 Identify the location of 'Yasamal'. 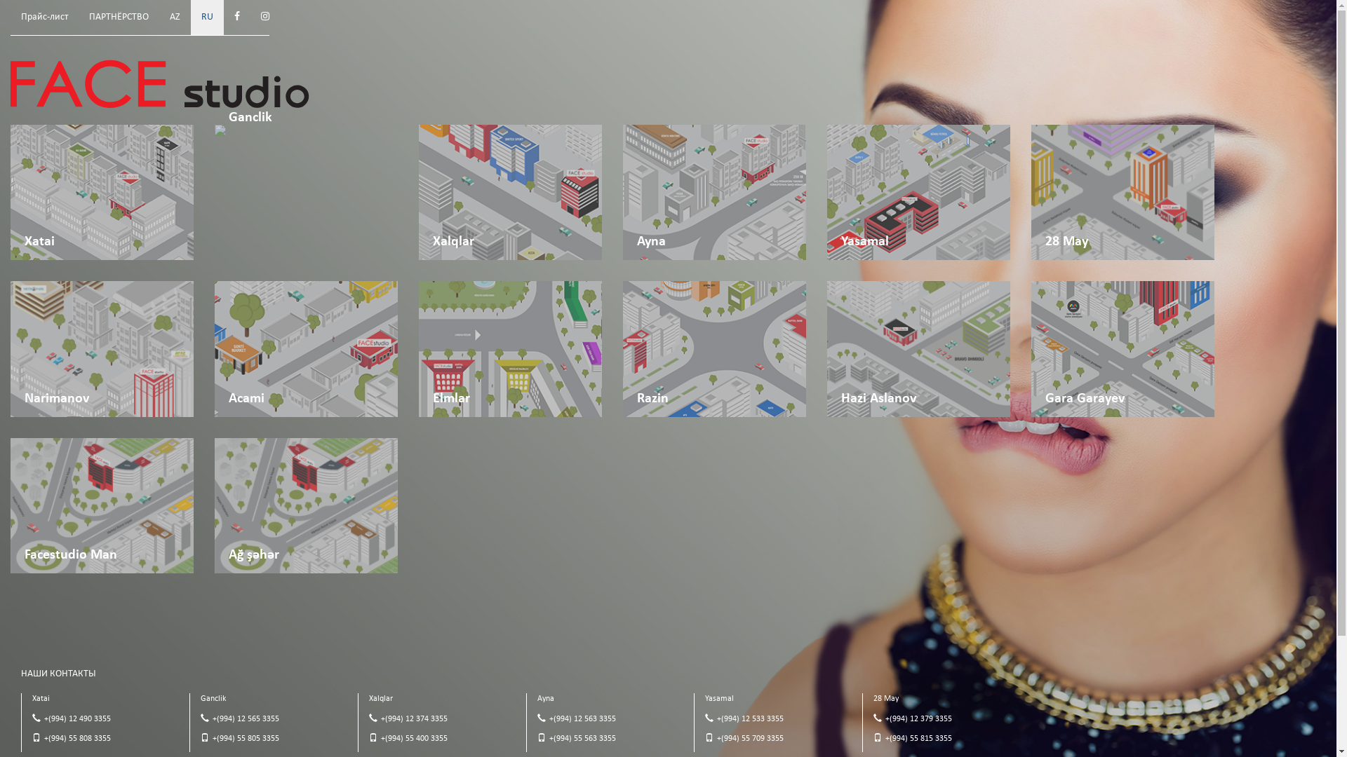
(827, 192).